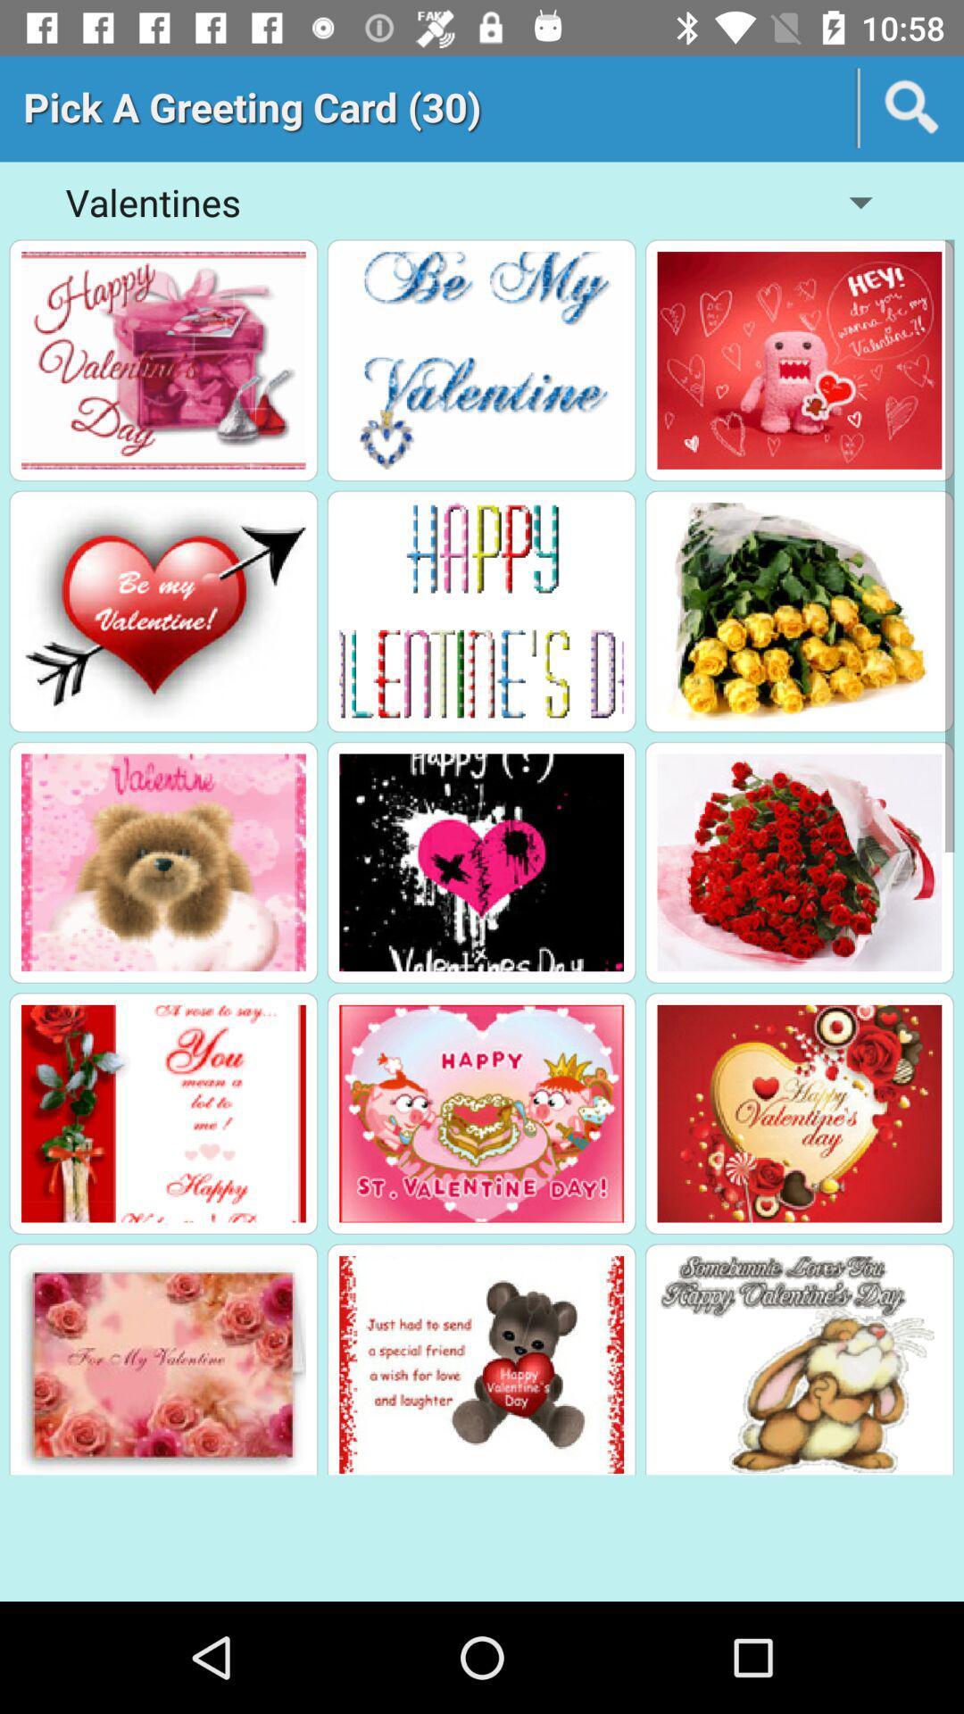  Describe the element at coordinates (911, 107) in the screenshot. I see `search` at that location.